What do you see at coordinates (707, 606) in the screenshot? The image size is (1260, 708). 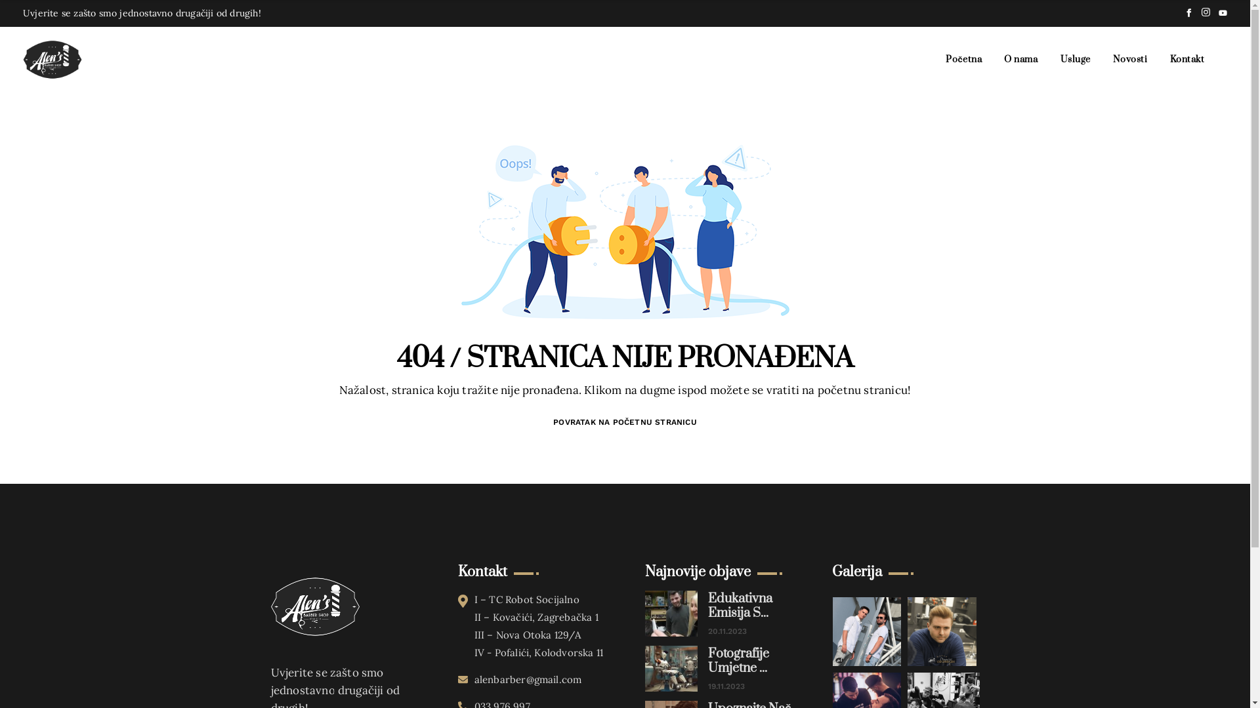 I see `'Edukativna Emisija S...'` at bounding box center [707, 606].